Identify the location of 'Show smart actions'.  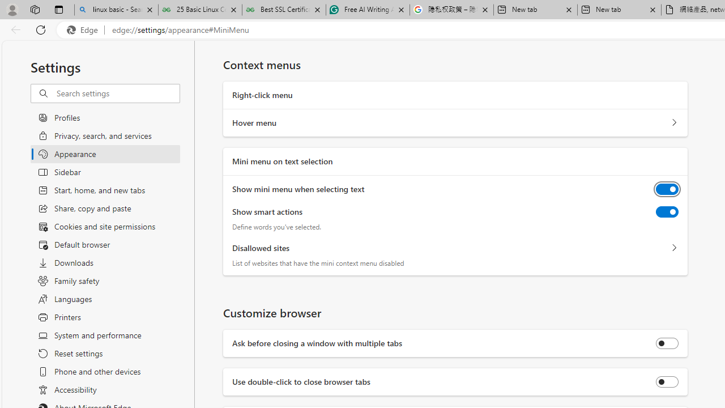
(667, 212).